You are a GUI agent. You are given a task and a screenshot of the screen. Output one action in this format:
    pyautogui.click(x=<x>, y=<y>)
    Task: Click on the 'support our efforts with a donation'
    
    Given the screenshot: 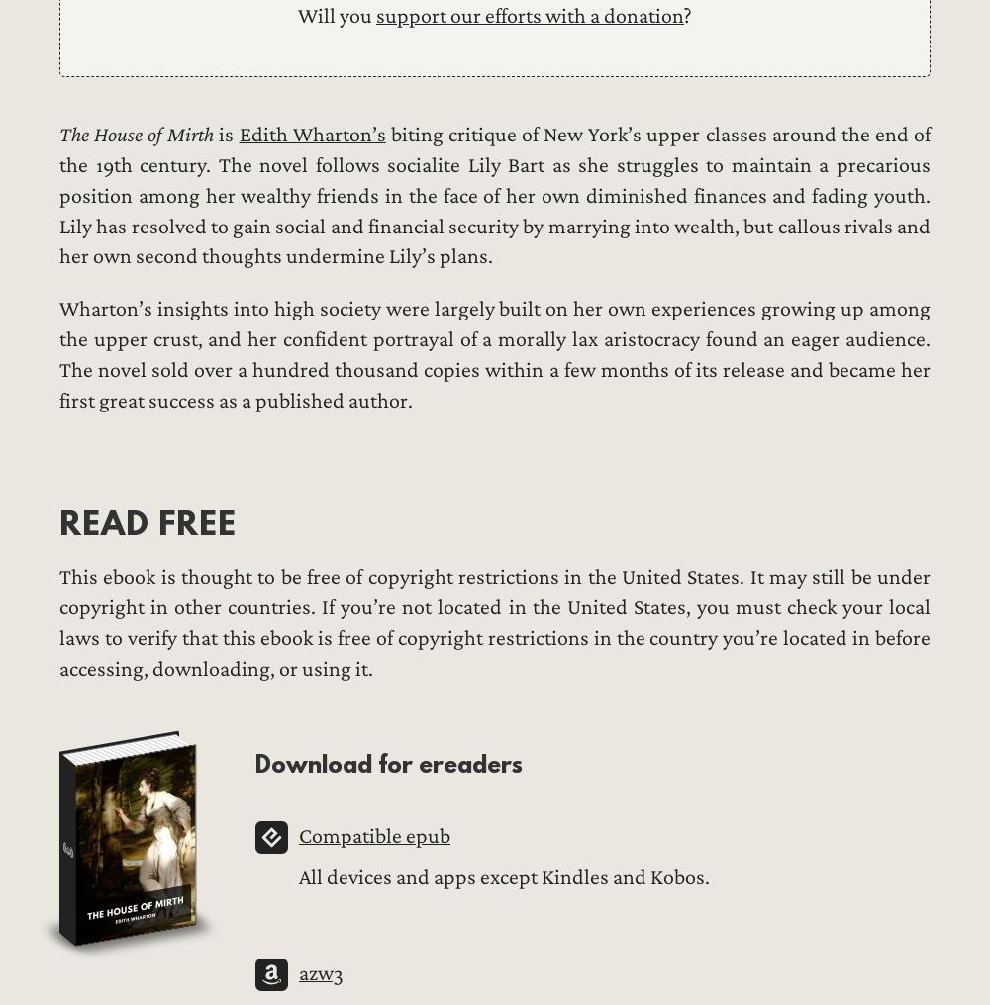 What is the action you would take?
    pyautogui.click(x=530, y=14)
    